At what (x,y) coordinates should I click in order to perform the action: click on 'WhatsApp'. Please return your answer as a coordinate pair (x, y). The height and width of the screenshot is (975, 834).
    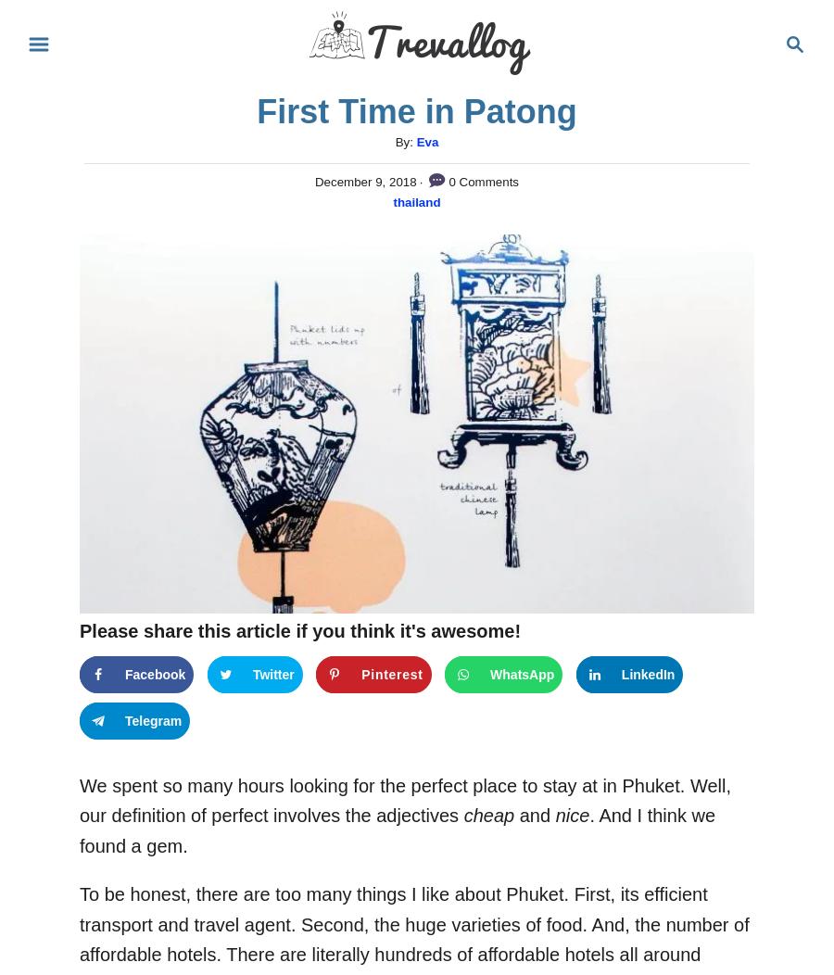
    Looking at the image, I should click on (521, 674).